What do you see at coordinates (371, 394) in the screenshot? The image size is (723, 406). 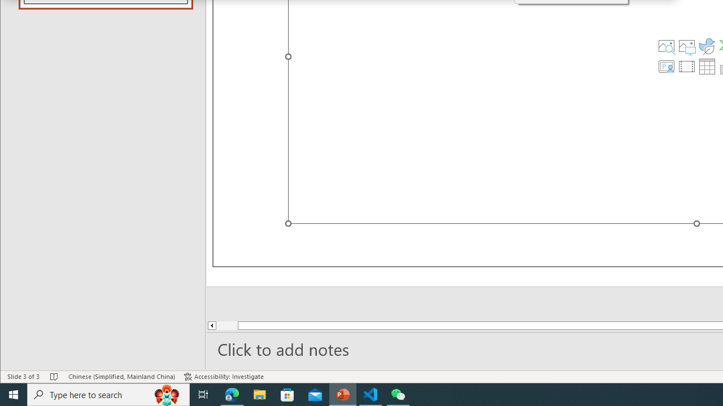 I see `'Visual Studio Code - 1 running window'` at bounding box center [371, 394].